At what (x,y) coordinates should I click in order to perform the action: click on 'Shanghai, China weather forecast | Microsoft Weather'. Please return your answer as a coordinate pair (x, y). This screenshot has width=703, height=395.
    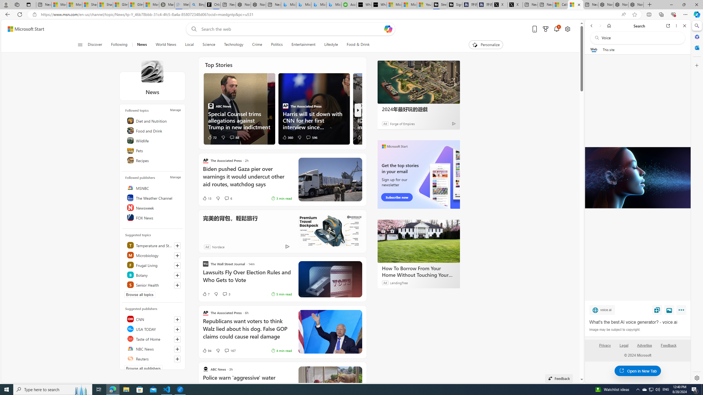
    Looking at the image, I should click on (105, 4).